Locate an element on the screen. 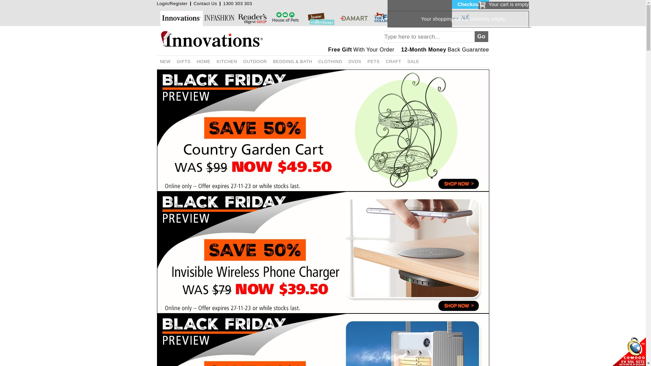 This screenshot has height=366, width=651. 'GIFTS' is located at coordinates (174, 61).